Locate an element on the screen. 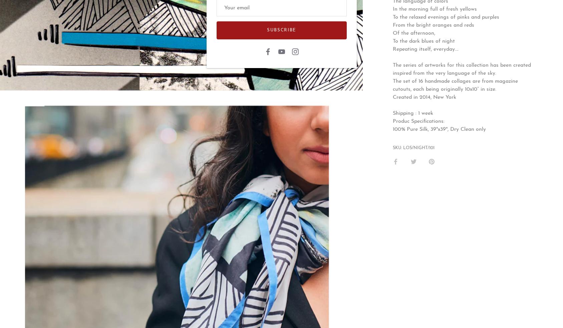  'The series of artworks for this collection has been created inspired from the very language of the sky.' is located at coordinates (462, 69).